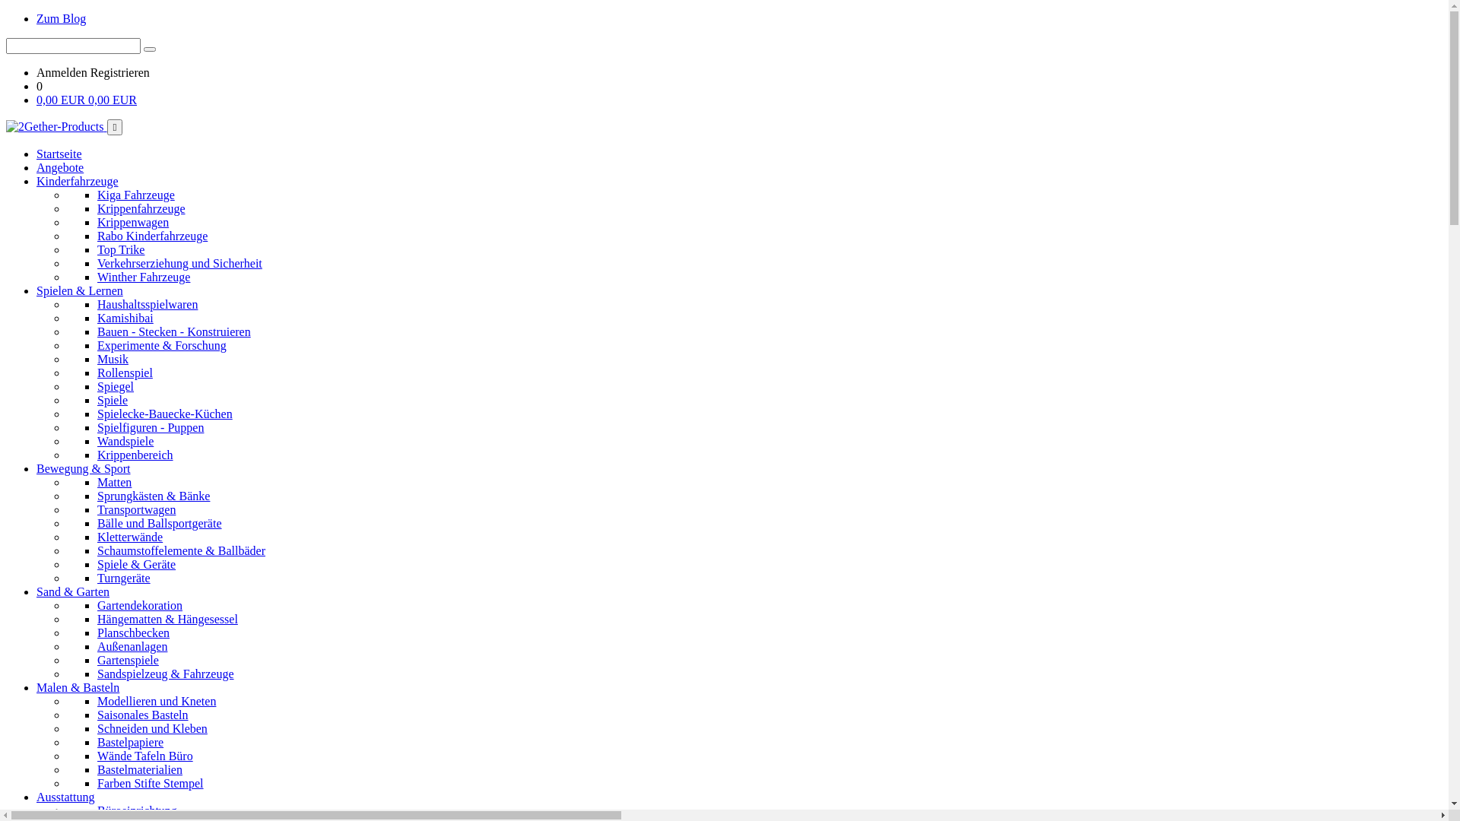 The height and width of the screenshot is (821, 1460). What do you see at coordinates (97, 208) in the screenshot?
I see `'Krippenfahrzeuge'` at bounding box center [97, 208].